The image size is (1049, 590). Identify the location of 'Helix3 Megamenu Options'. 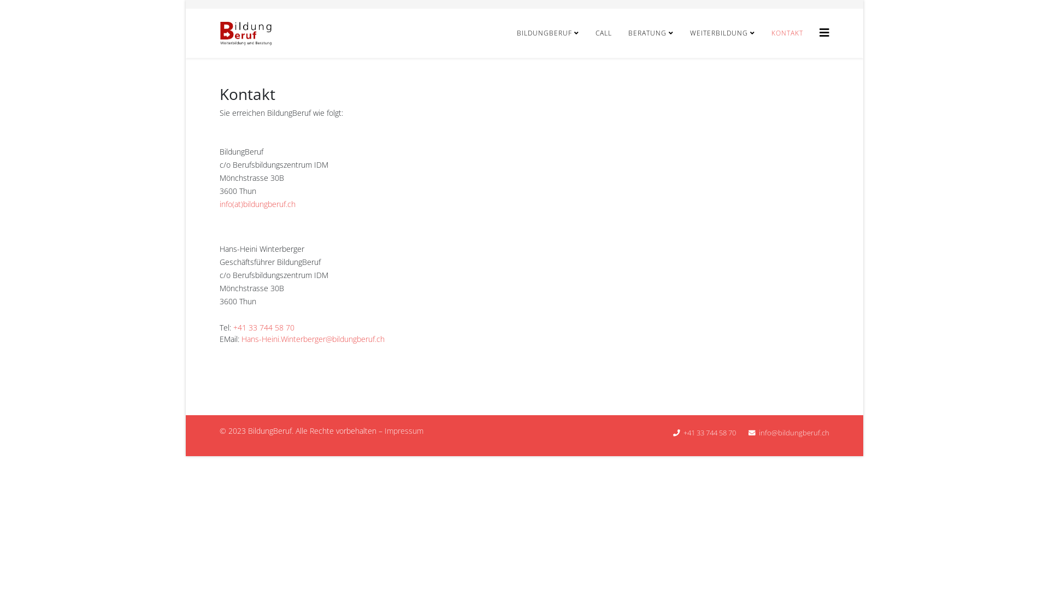
(824, 32).